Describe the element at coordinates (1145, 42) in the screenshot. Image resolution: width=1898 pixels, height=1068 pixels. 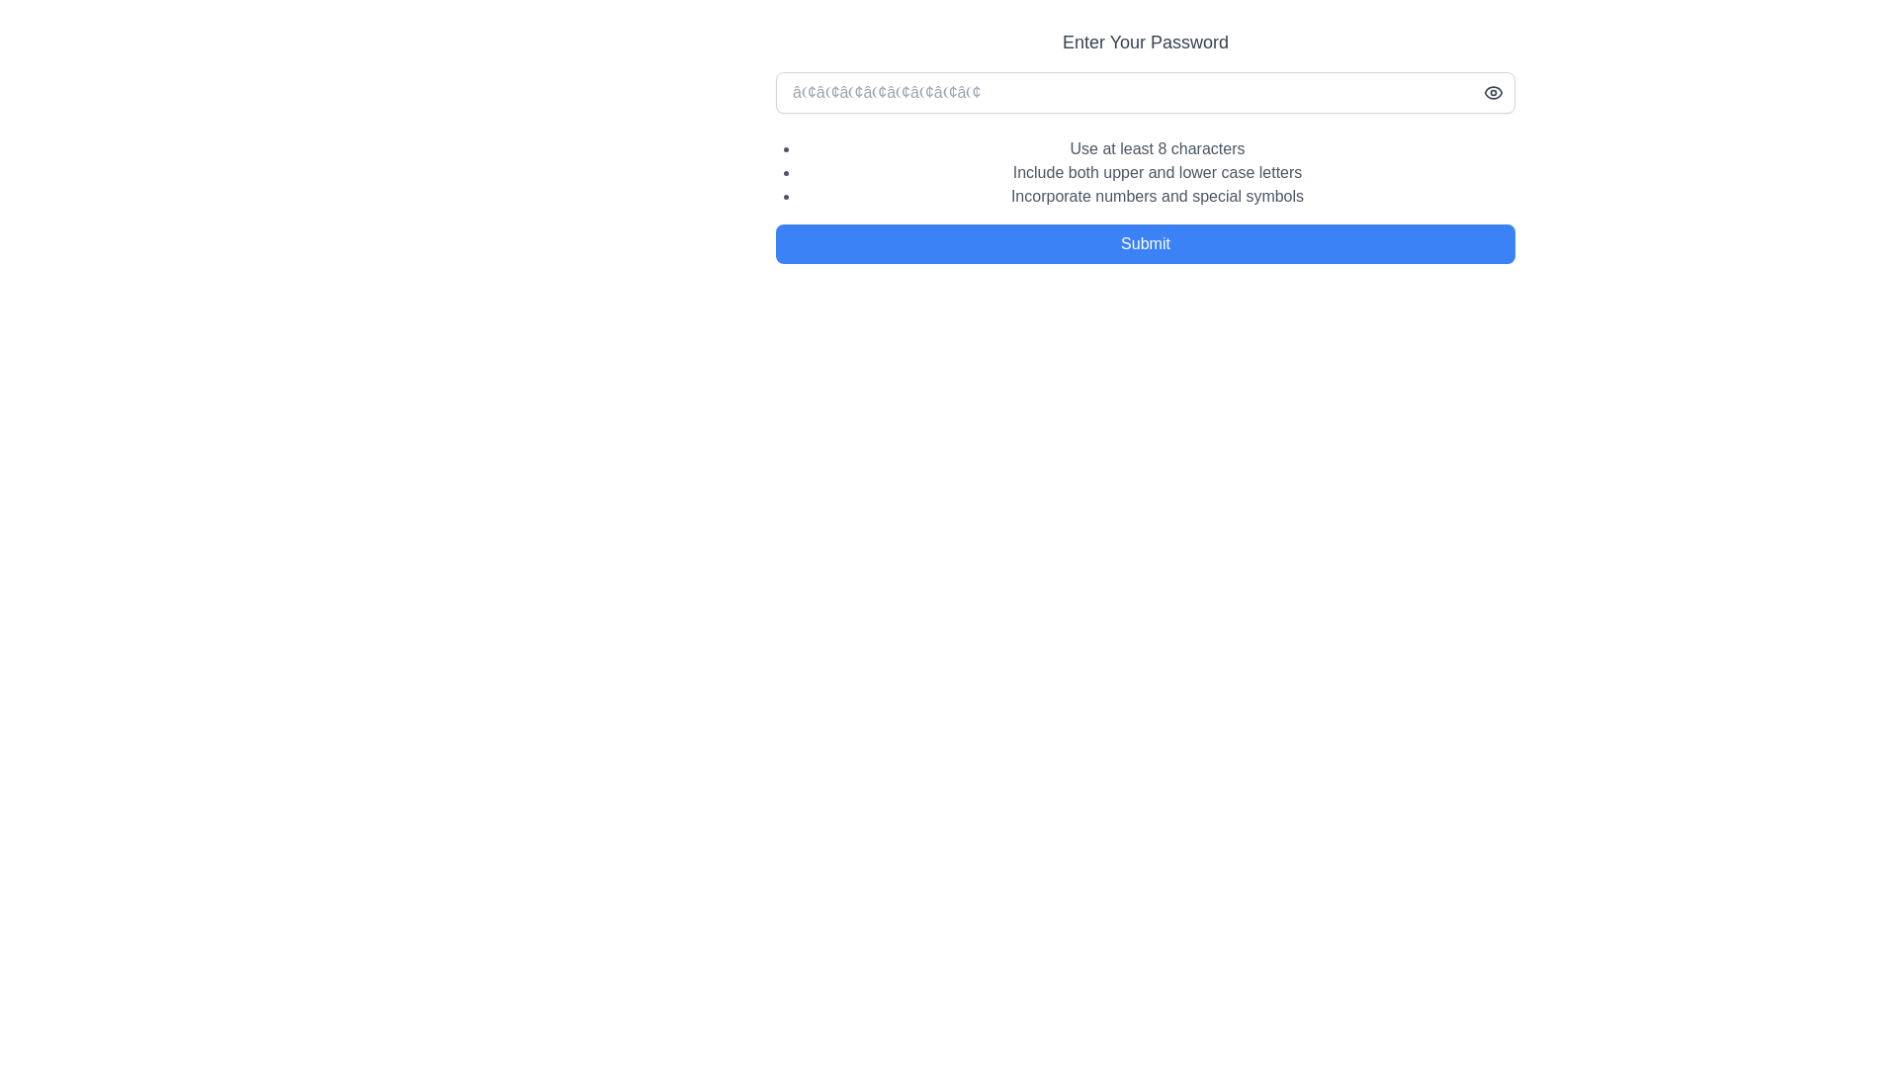
I see `the text label that says 'Enter Your Password', which is styled in a large, medium-weight gray font and located at the top of the password entry section` at that location.